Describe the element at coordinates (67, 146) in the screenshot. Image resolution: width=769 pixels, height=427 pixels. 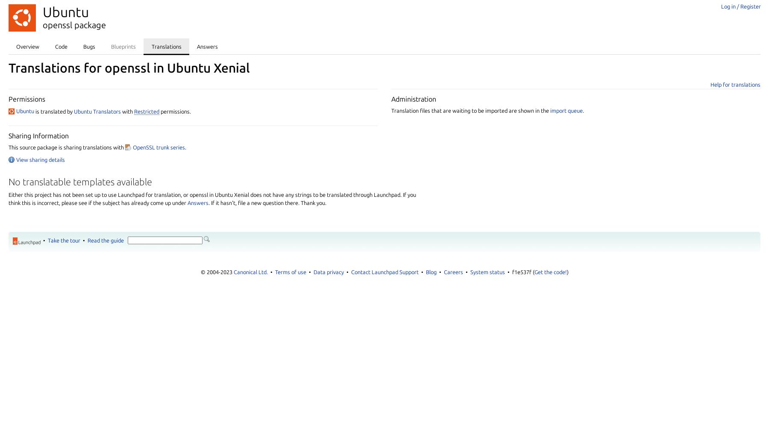
I see `'This source package is sharing translations with'` at that location.